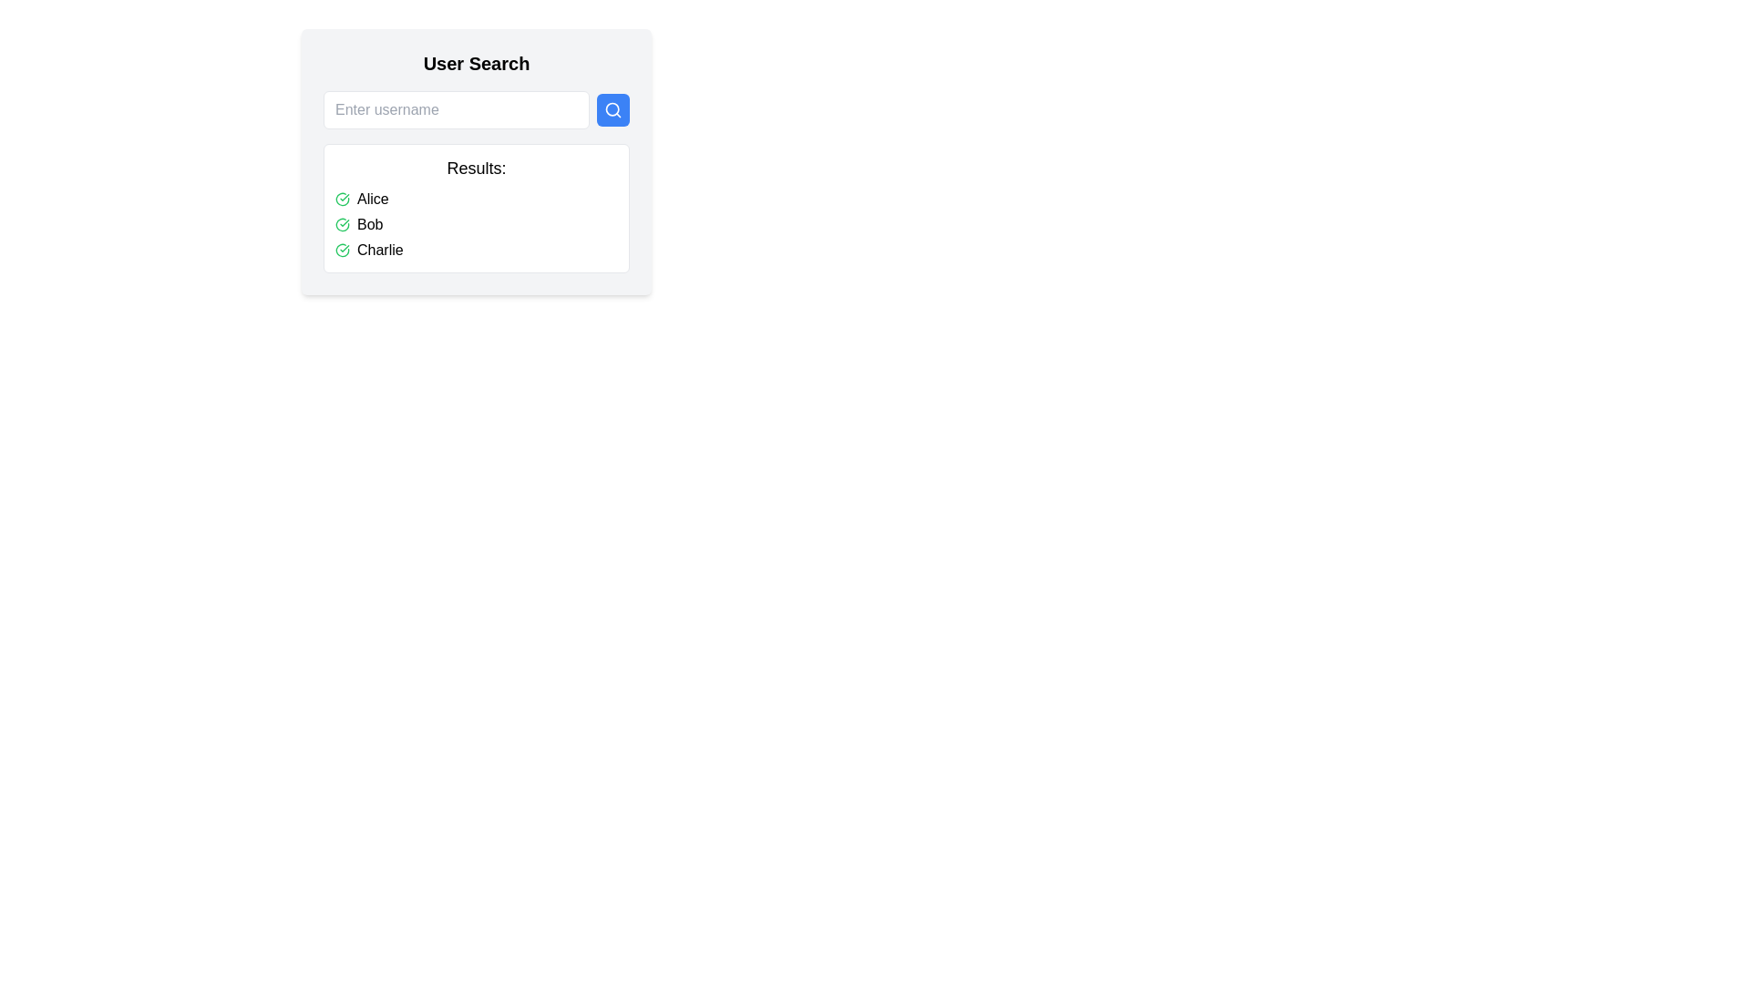 This screenshot has width=1750, height=984. I want to click on the circular green checkmark icon located to the left of the text 'Bob' in the results list under the section labeled 'Results:', so click(342, 223).